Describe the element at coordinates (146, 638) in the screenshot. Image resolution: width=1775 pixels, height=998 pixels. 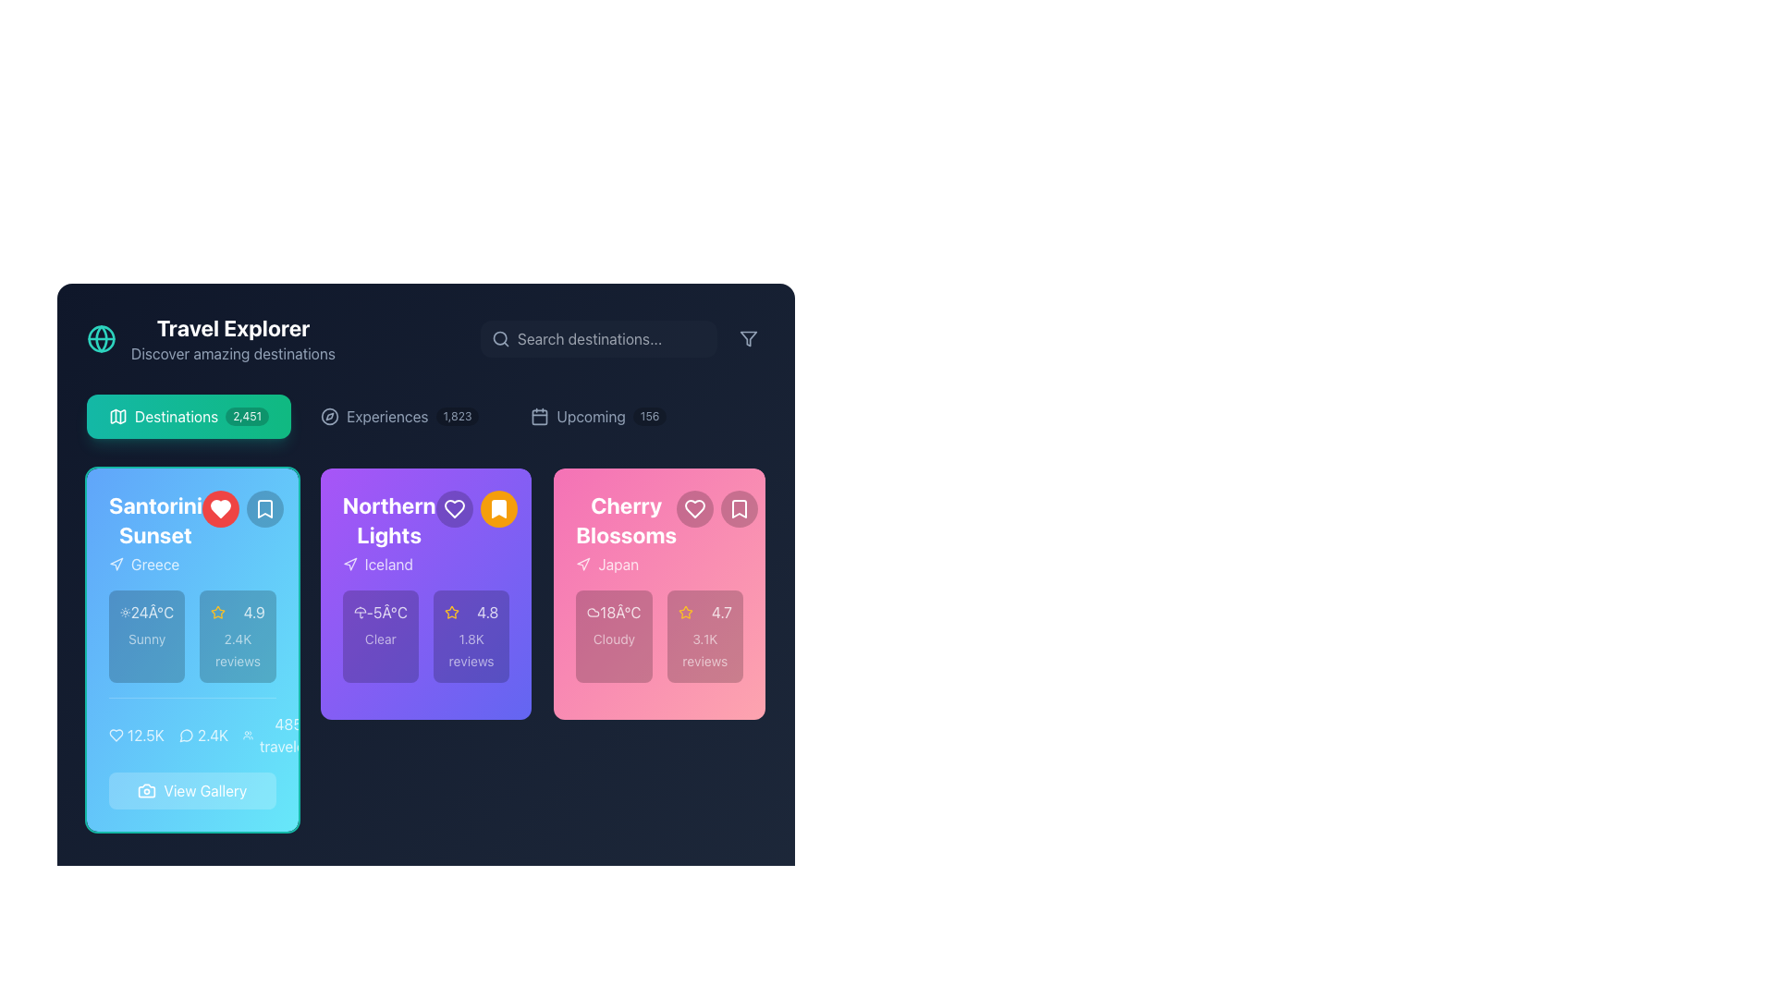
I see `the text label displaying 'Sunny' located below the temperature section ('24°C')` at that location.